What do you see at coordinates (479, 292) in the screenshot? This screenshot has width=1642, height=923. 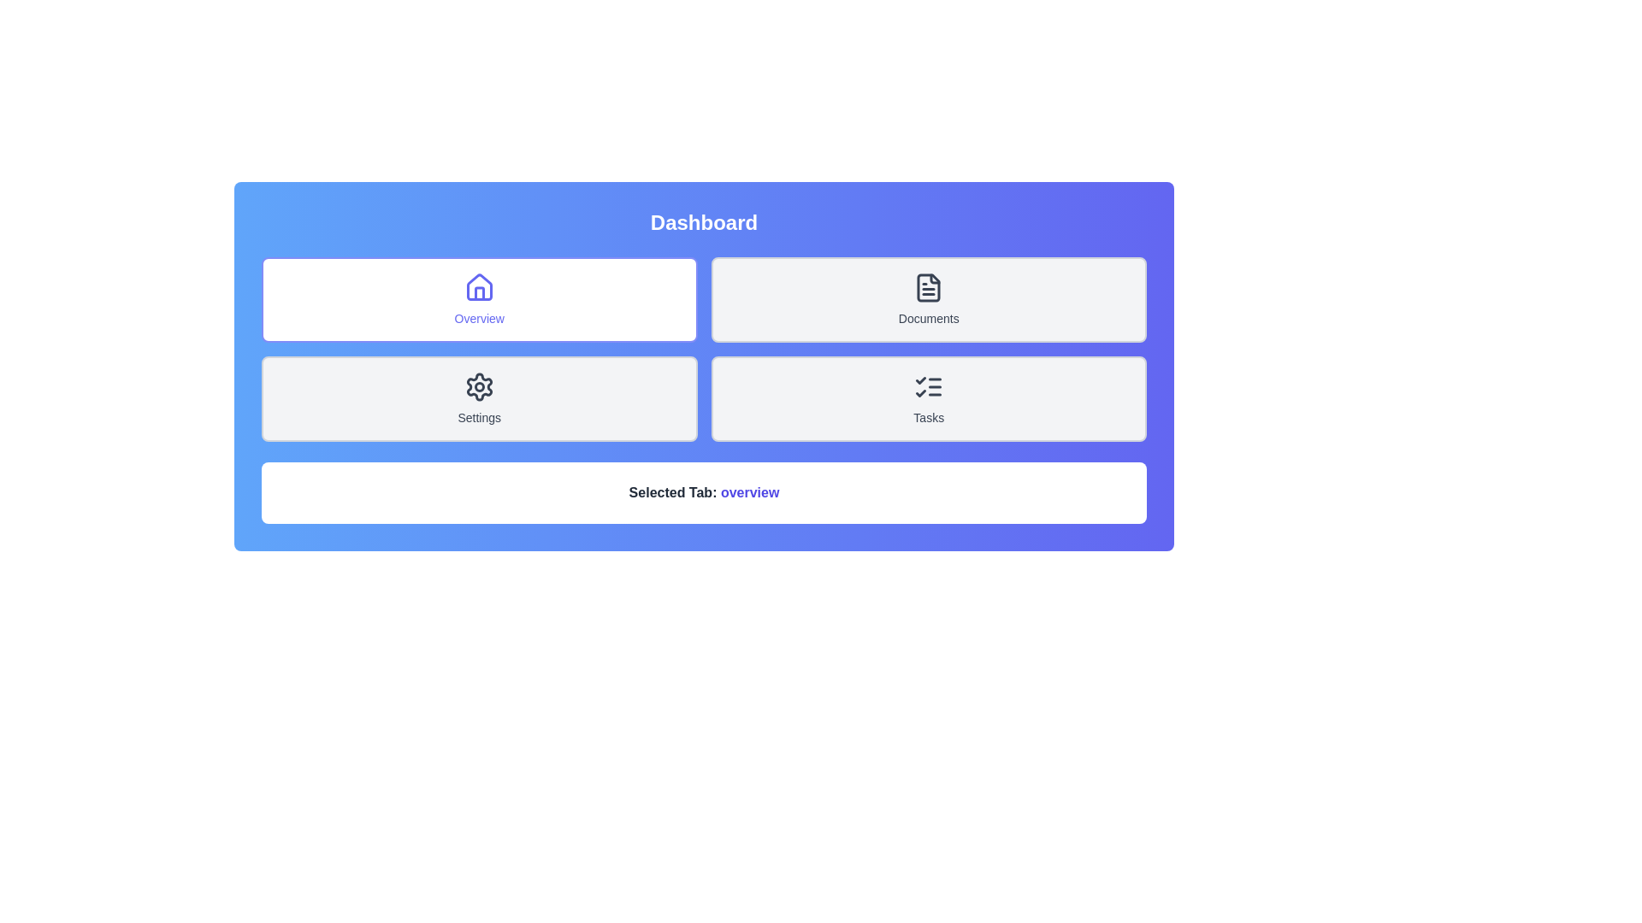 I see `the visual details of the house-shaped icon component located at the bottom part of the icon` at bounding box center [479, 292].